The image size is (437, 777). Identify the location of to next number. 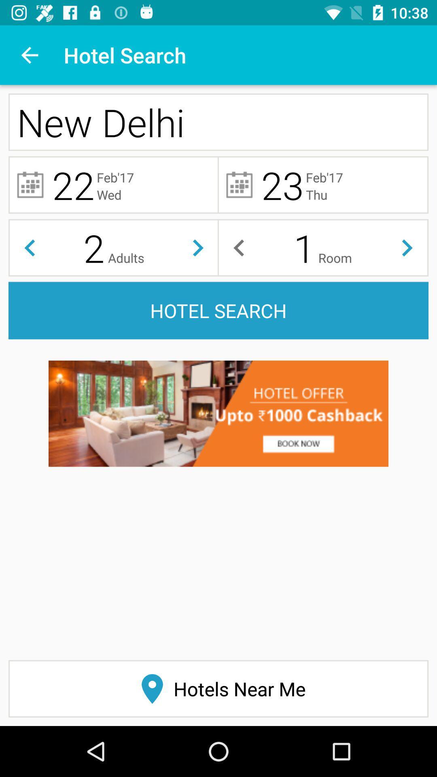
(407, 247).